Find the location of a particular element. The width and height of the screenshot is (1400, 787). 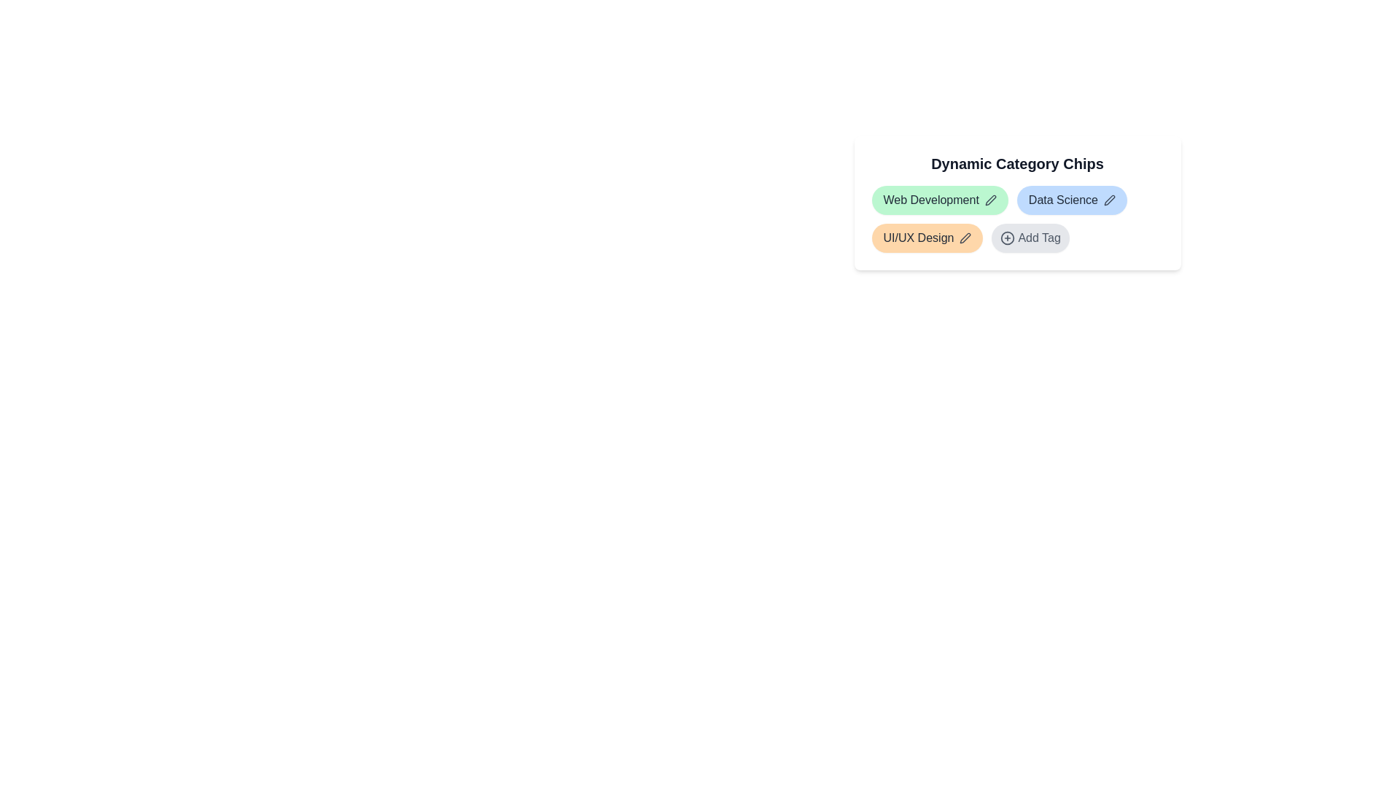

the 'Add Tag' button to create a new tag is located at coordinates (1030, 238).